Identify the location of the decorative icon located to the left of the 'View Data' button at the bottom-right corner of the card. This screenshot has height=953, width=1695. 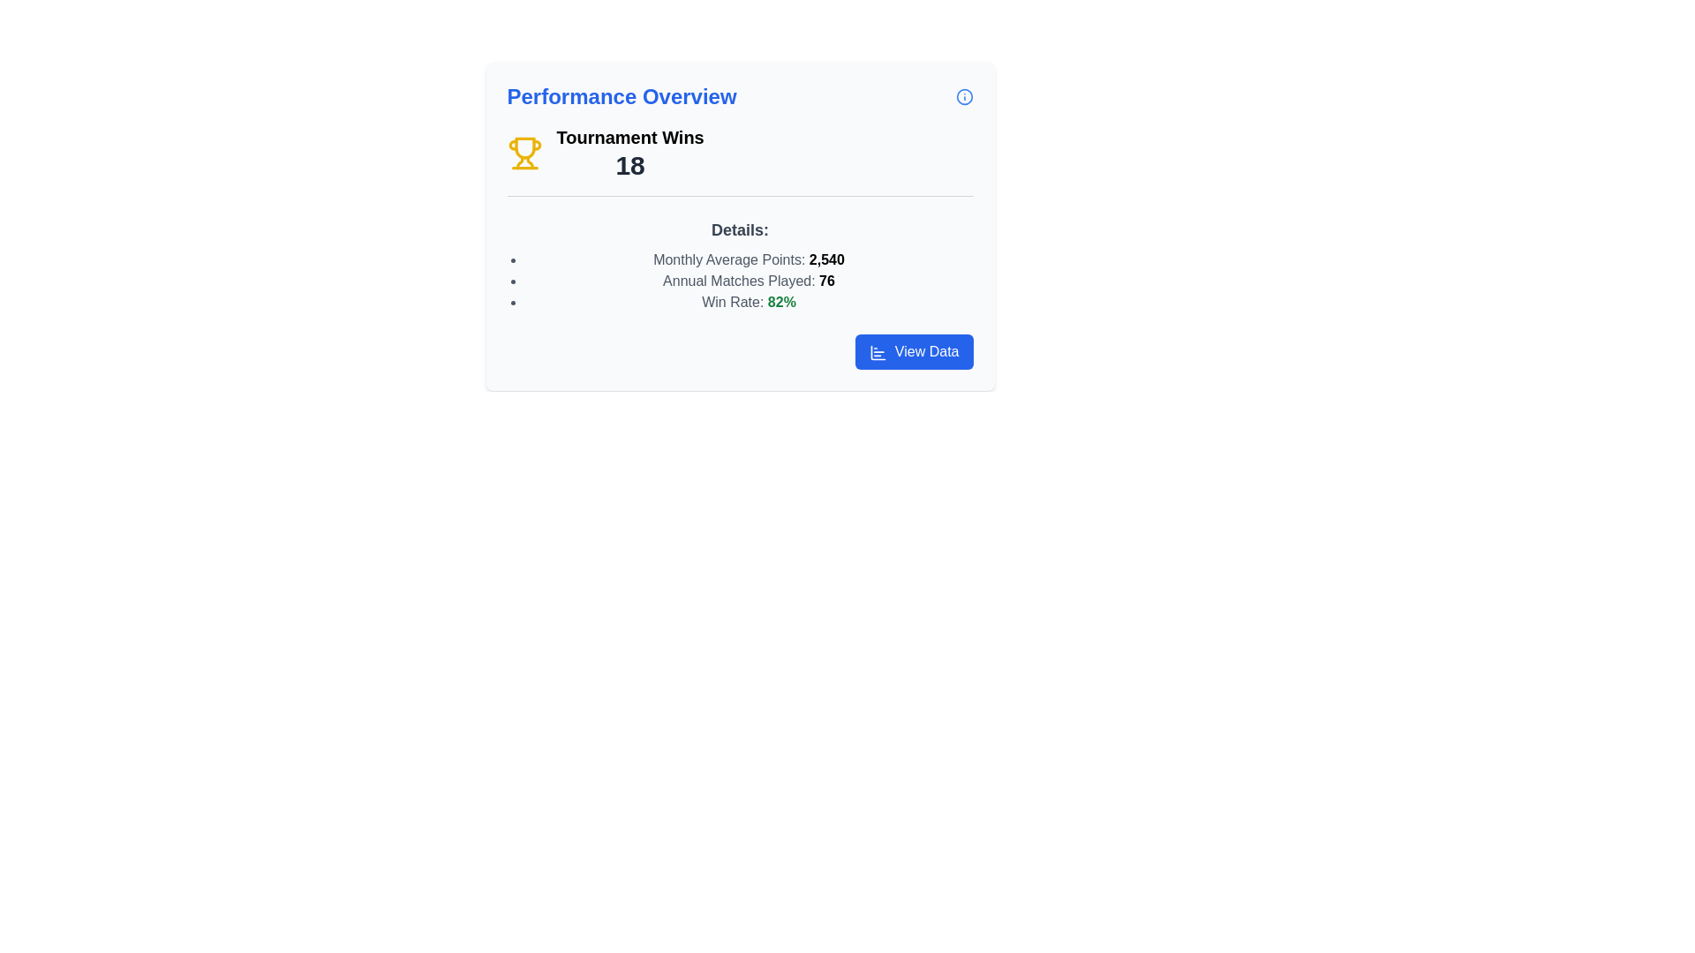
(878, 352).